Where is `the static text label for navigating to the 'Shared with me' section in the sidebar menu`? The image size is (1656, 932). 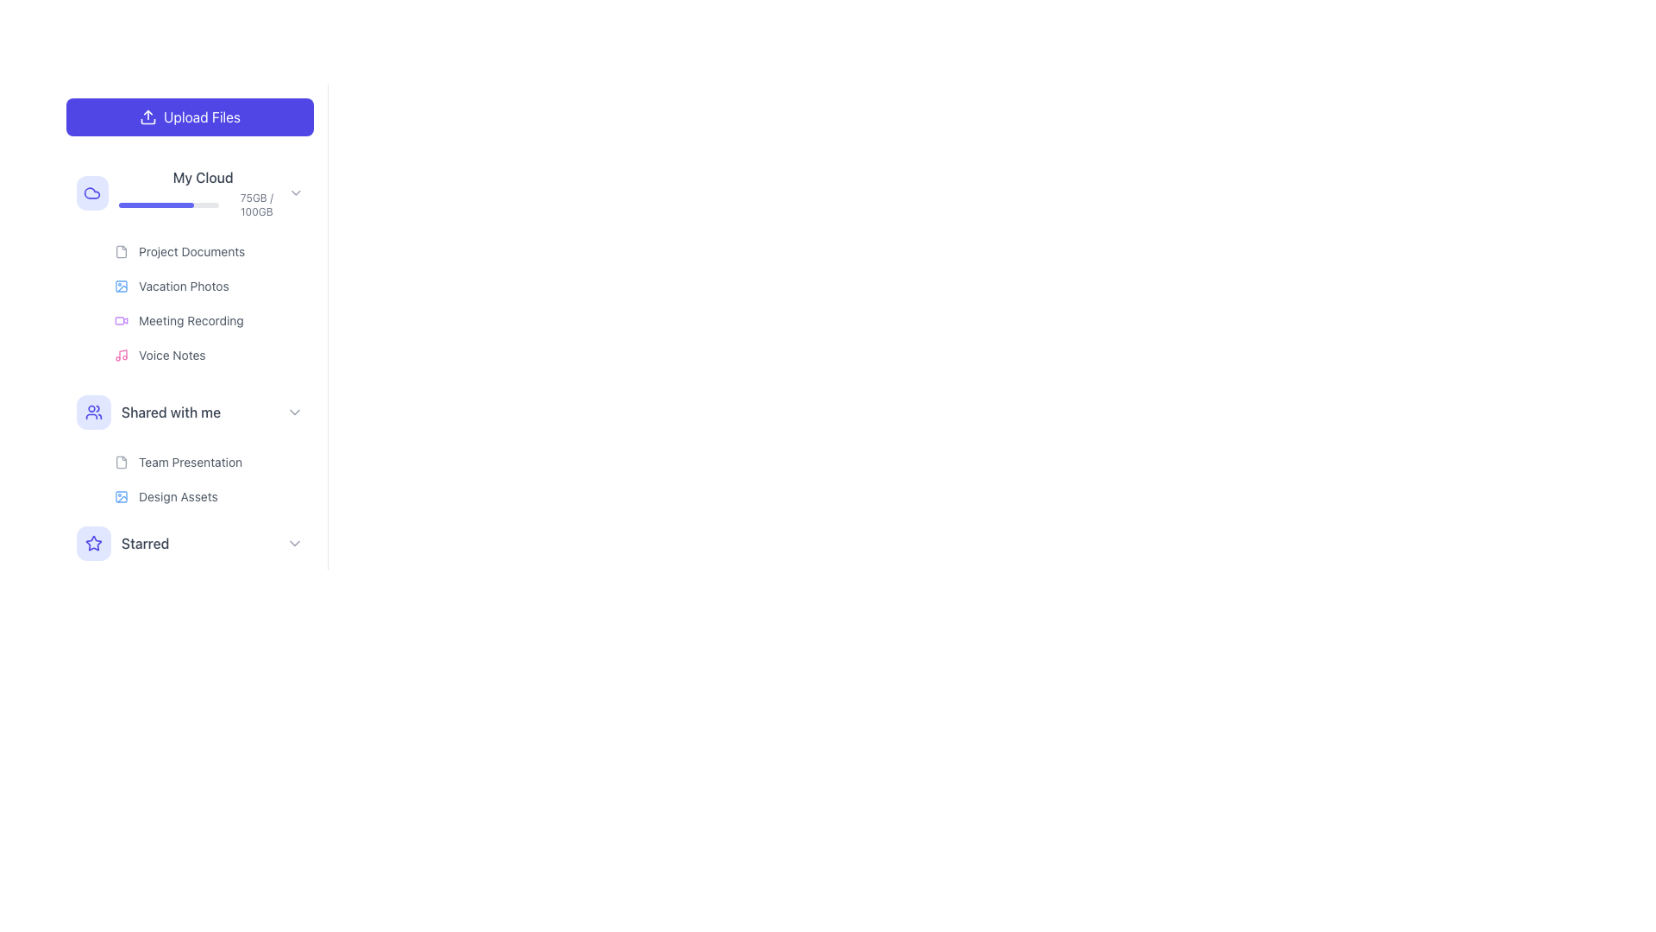 the static text label for navigating to the 'Shared with me' section in the sidebar menu is located at coordinates (171, 412).